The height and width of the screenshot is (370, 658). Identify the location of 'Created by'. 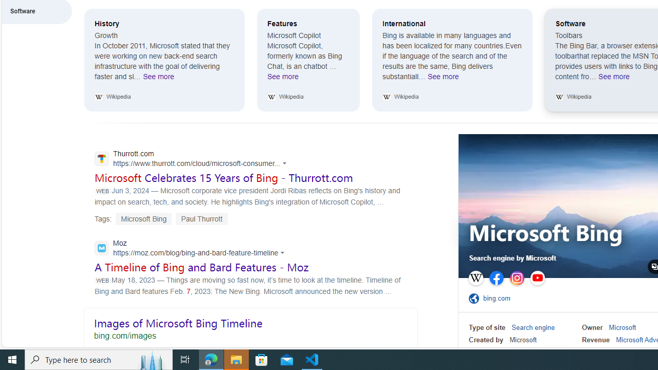
(485, 340).